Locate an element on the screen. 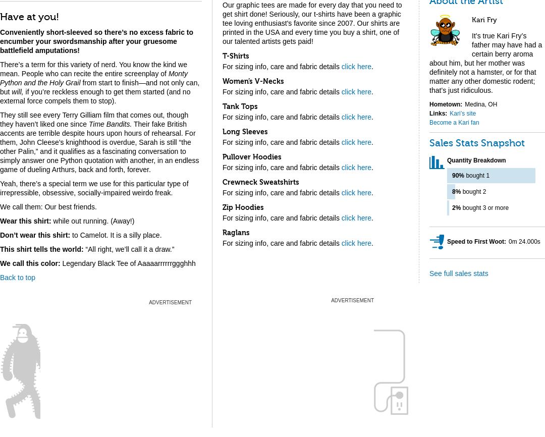 The height and width of the screenshot is (437, 545). 'to Camelot. It is a silly place.' is located at coordinates (115, 235).